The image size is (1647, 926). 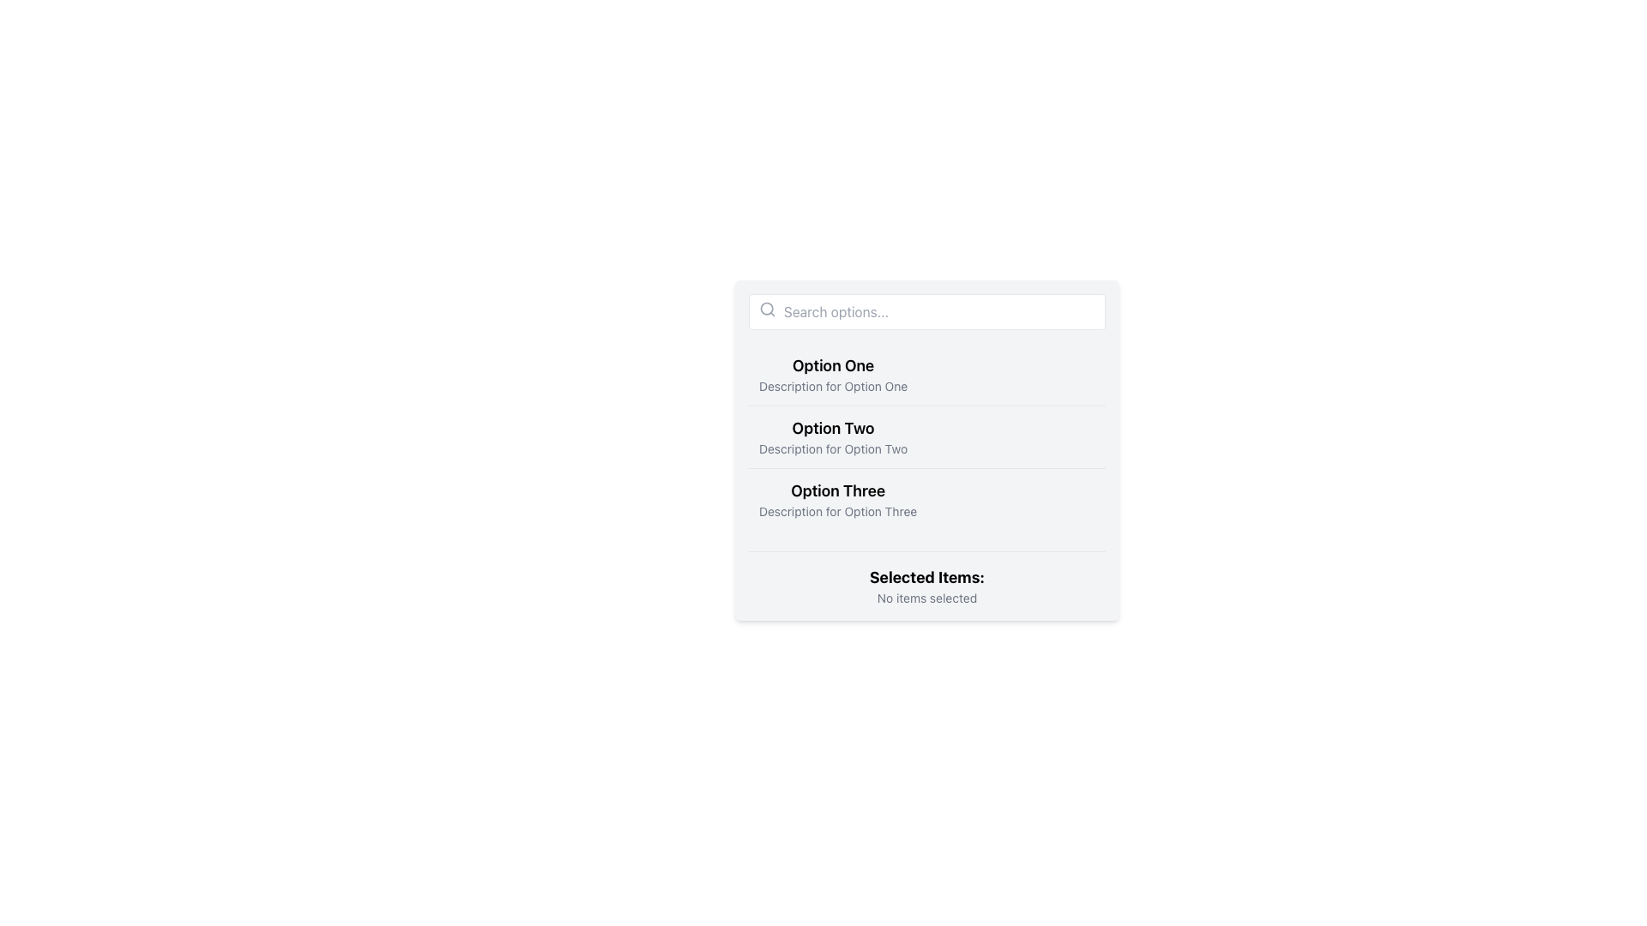 I want to click on the text label displaying 'No items selected', which is located beneath the label 'Selected Items:' and styled in small gray font, so click(x=926, y=598).